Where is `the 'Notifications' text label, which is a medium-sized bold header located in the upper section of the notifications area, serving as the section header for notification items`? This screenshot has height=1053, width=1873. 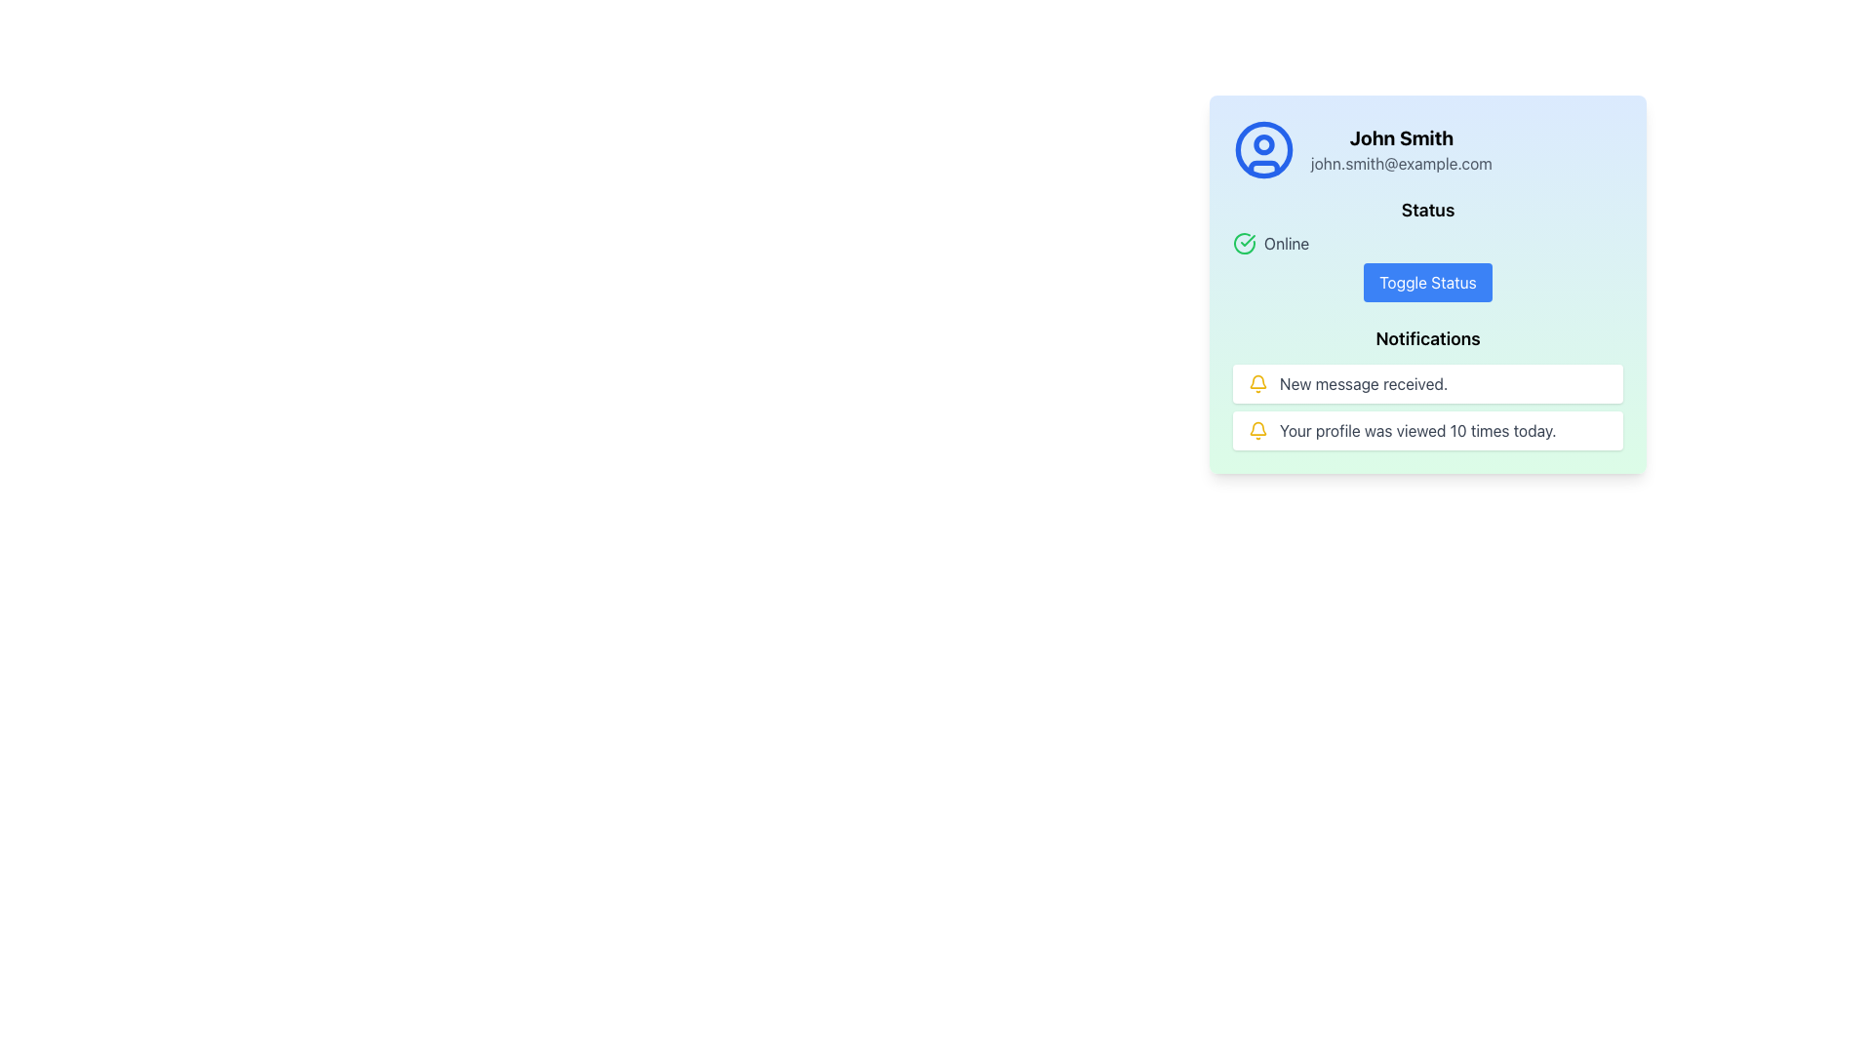
the 'Notifications' text label, which is a medium-sized bold header located in the upper section of the notifications area, serving as the section header for notification items is located at coordinates (1428, 337).